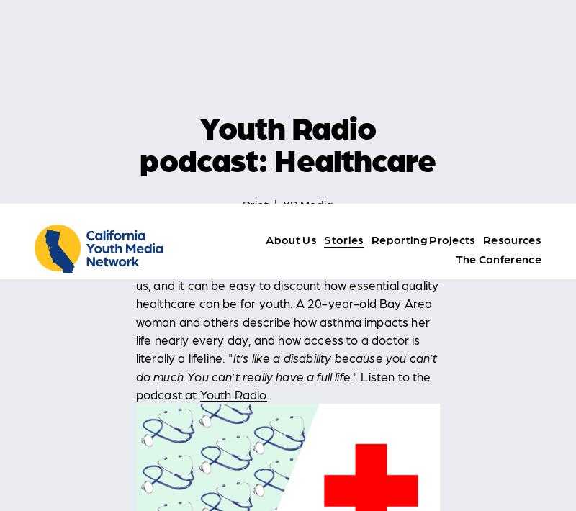 The width and height of the screenshot is (576, 511). Describe the element at coordinates (285, 87) in the screenshot. I see `'It’s like a disability because you can’t do much. You can’t really have a full life'` at that location.